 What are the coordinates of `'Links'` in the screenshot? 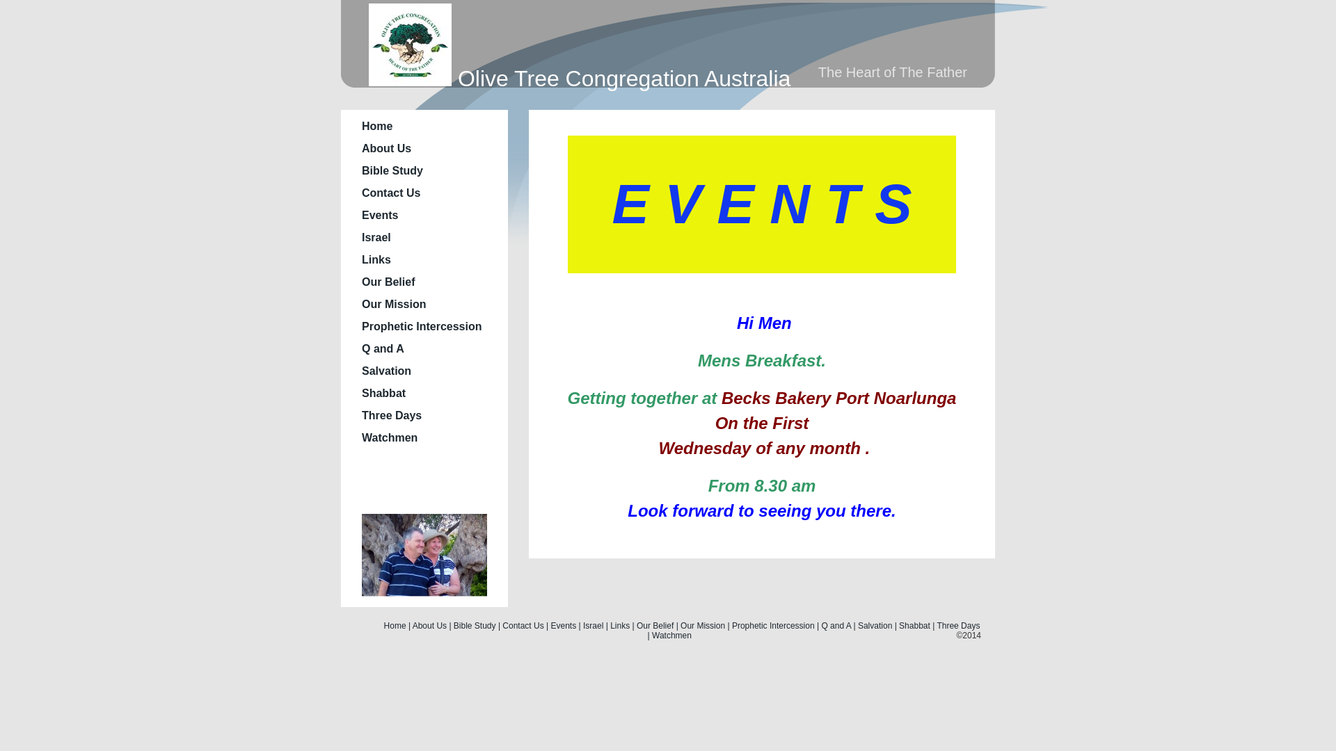 It's located at (376, 259).